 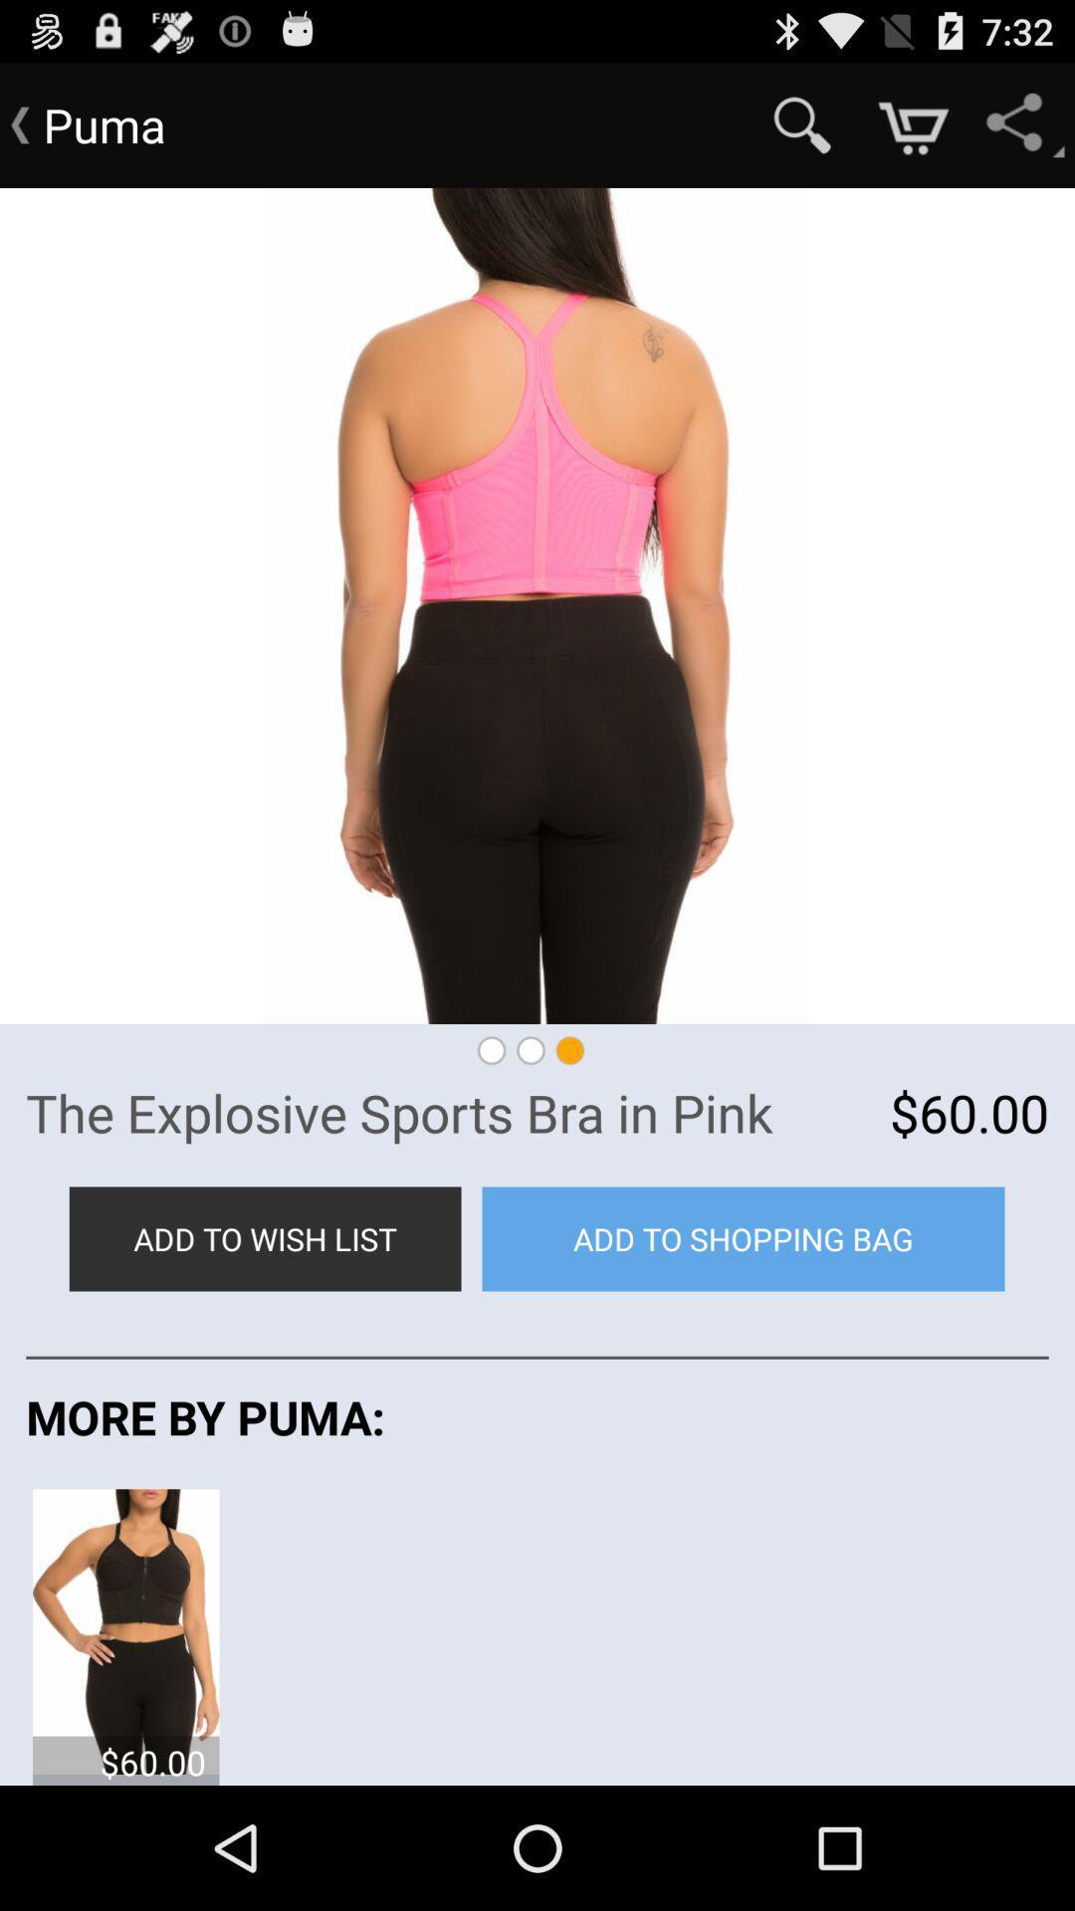 I want to click on icon at the top, so click(x=537, y=605).